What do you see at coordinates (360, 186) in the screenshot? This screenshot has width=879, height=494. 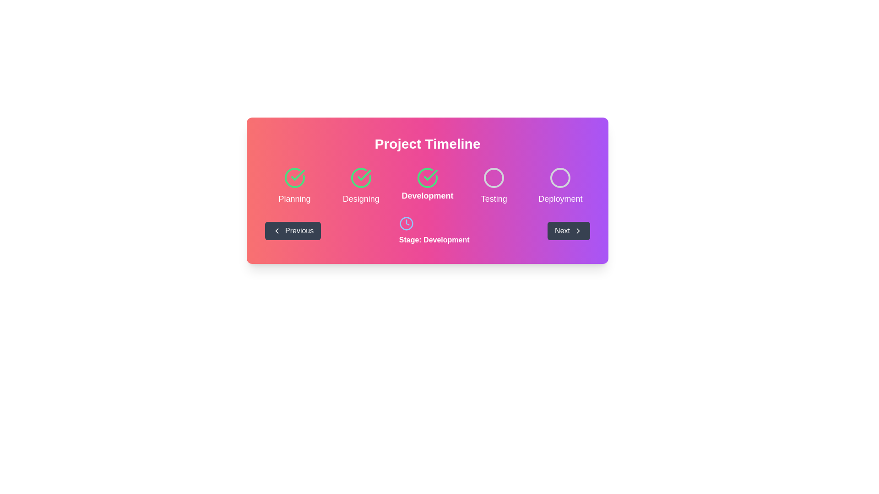 I see `the Status indicator with a checkmark icon and the text 'Designing', which is the second step in the Project Timeline progress tracker` at bounding box center [360, 186].